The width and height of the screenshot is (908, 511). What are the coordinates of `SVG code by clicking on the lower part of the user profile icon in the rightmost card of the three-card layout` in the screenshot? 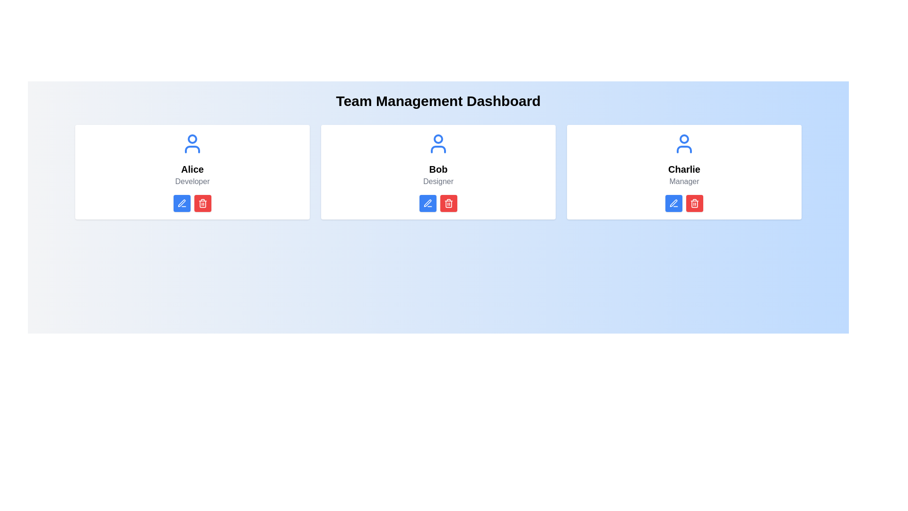 It's located at (684, 149).